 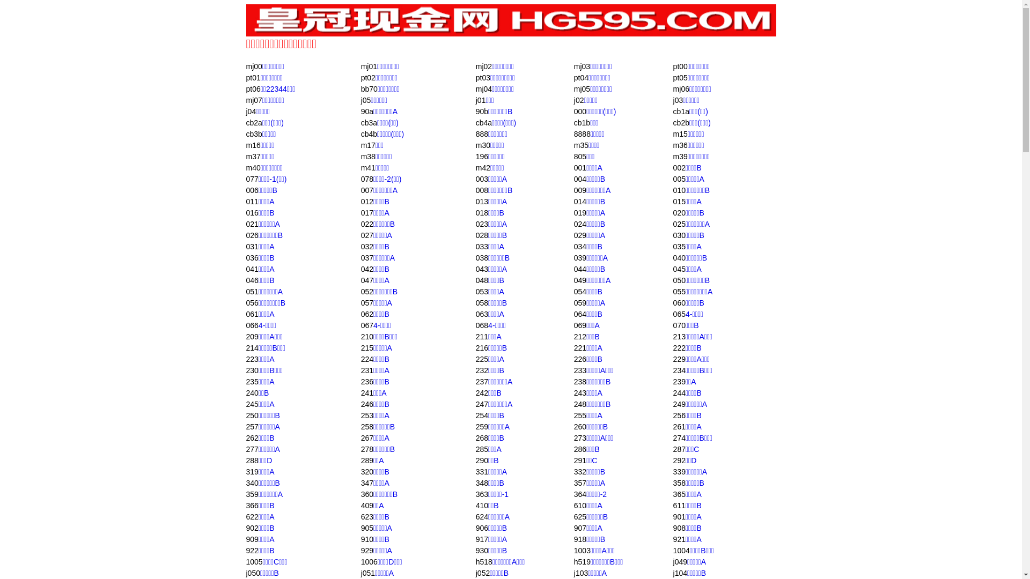 What do you see at coordinates (573, 122) in the screenshot?
I see `'cb1b'` at bounding box center [573, 122].